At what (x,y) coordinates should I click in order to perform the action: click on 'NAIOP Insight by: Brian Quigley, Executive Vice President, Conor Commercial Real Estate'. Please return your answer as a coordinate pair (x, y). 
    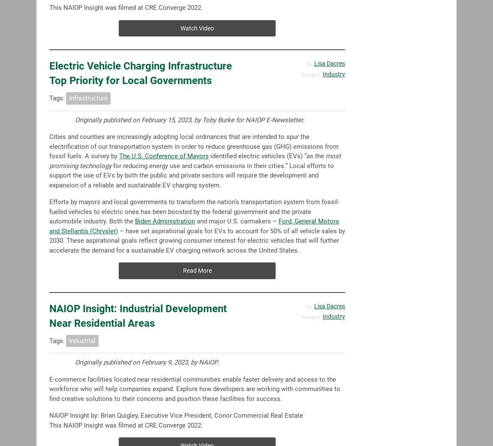
    Looking at the image, I should click on (176, 415).